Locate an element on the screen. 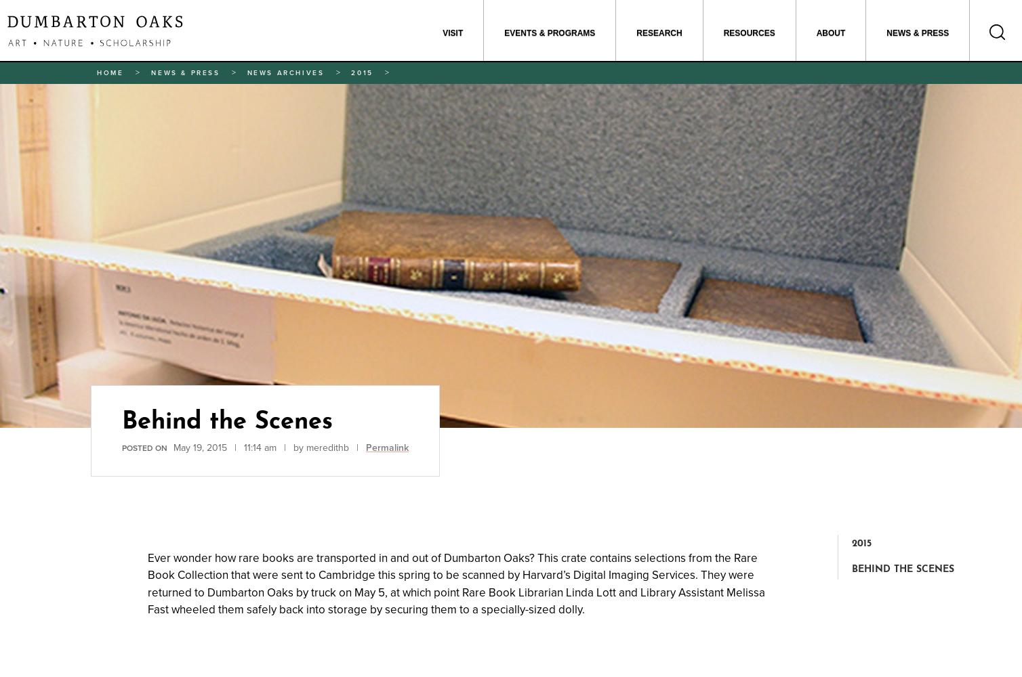 This screenshot has height=677, width=1022. 'Garden and Landscape Studies' is located at coordinates (657, 83).